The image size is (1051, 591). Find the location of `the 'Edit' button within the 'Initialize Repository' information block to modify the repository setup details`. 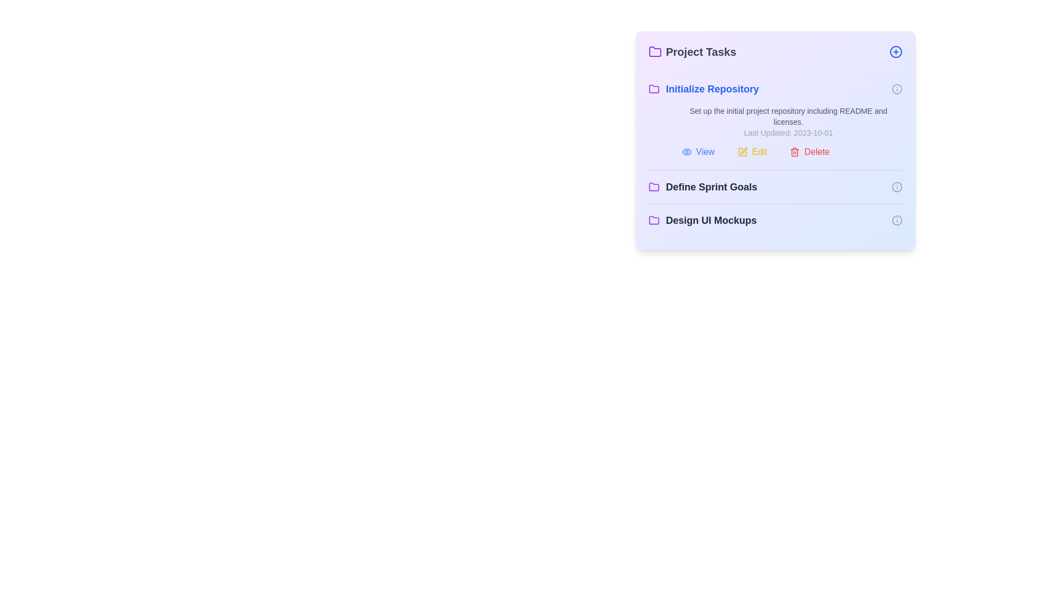

the 'Edit' button within the 'Initialize Repository' information block to modify the repository setup details is located at coordinates (775, 121).